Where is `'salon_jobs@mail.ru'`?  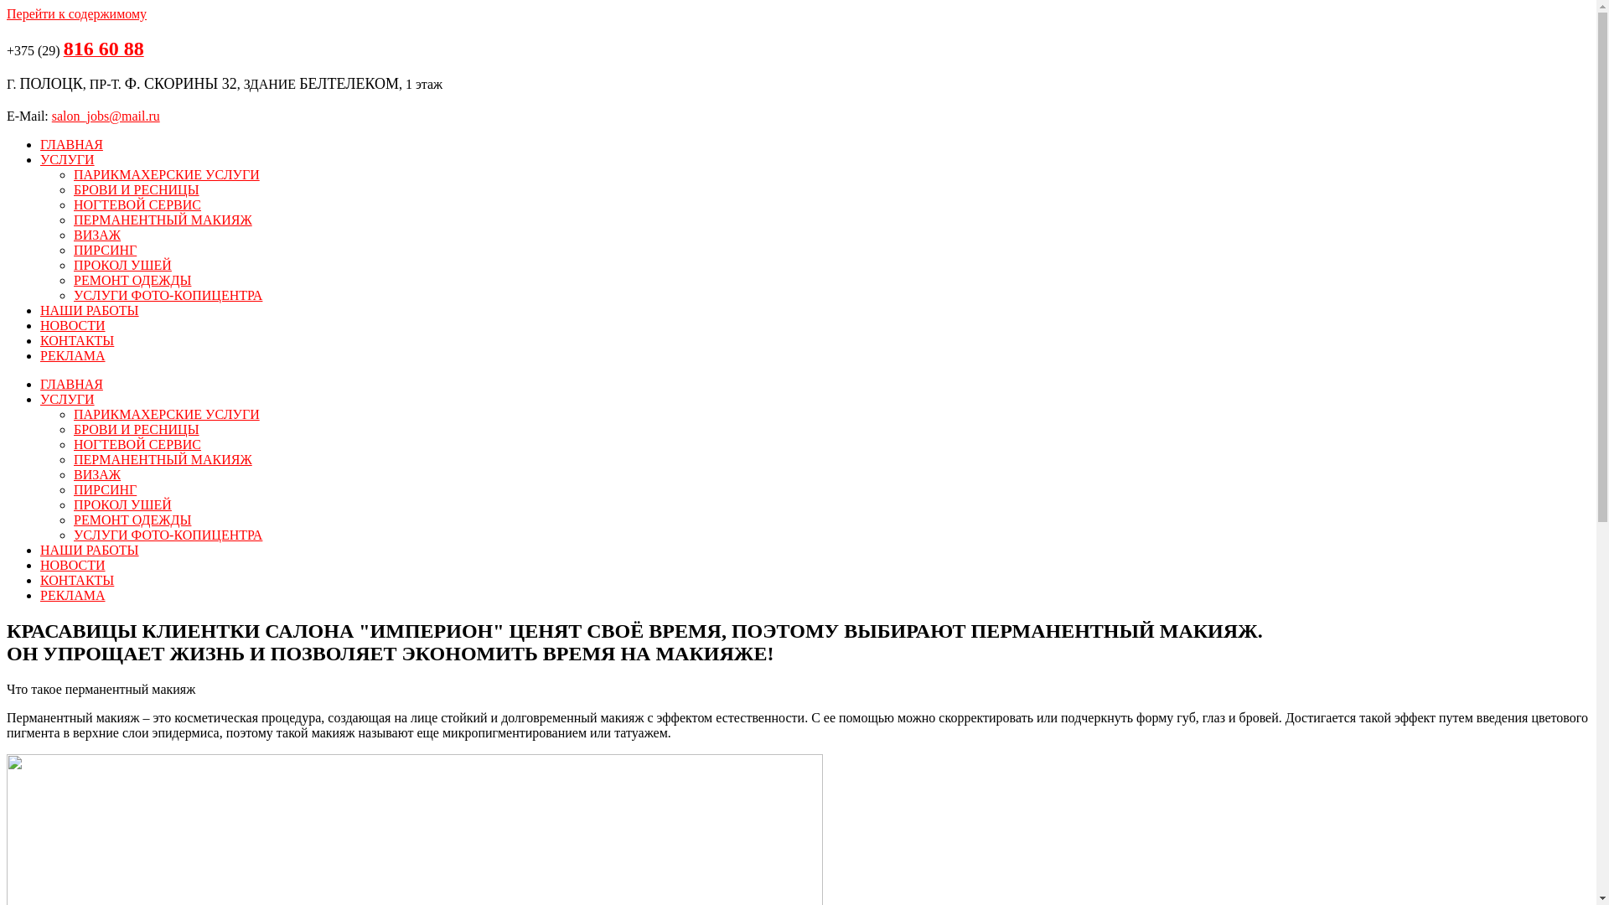
'salon_jobs@mail.ru' is located at coordinates (52, 115).